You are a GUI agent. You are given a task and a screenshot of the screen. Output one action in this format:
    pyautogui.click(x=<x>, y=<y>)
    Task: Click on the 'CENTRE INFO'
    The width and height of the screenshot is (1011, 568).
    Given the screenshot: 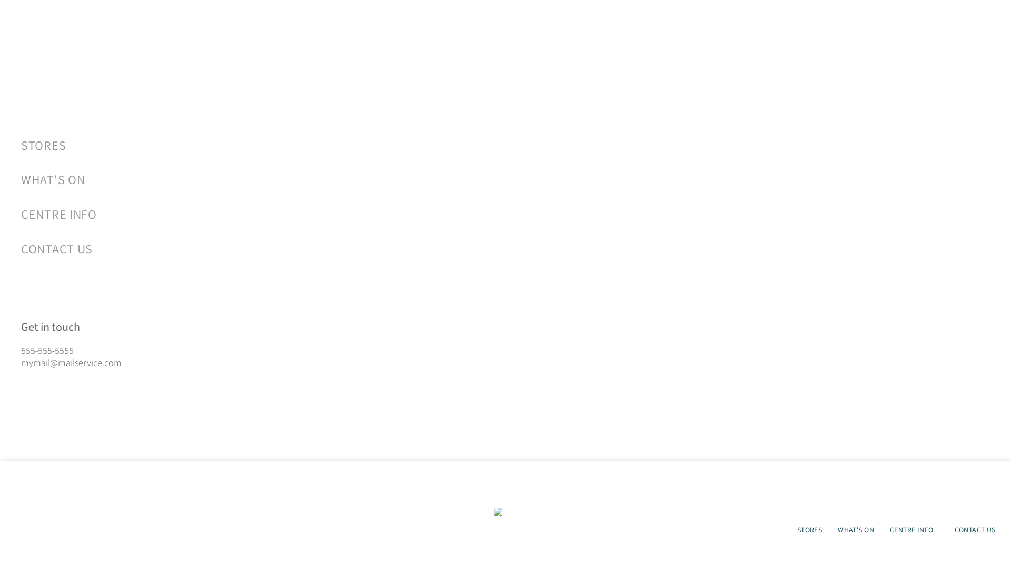 What is the action you would take?
    pyautogui.click(x=914, y=529)
    